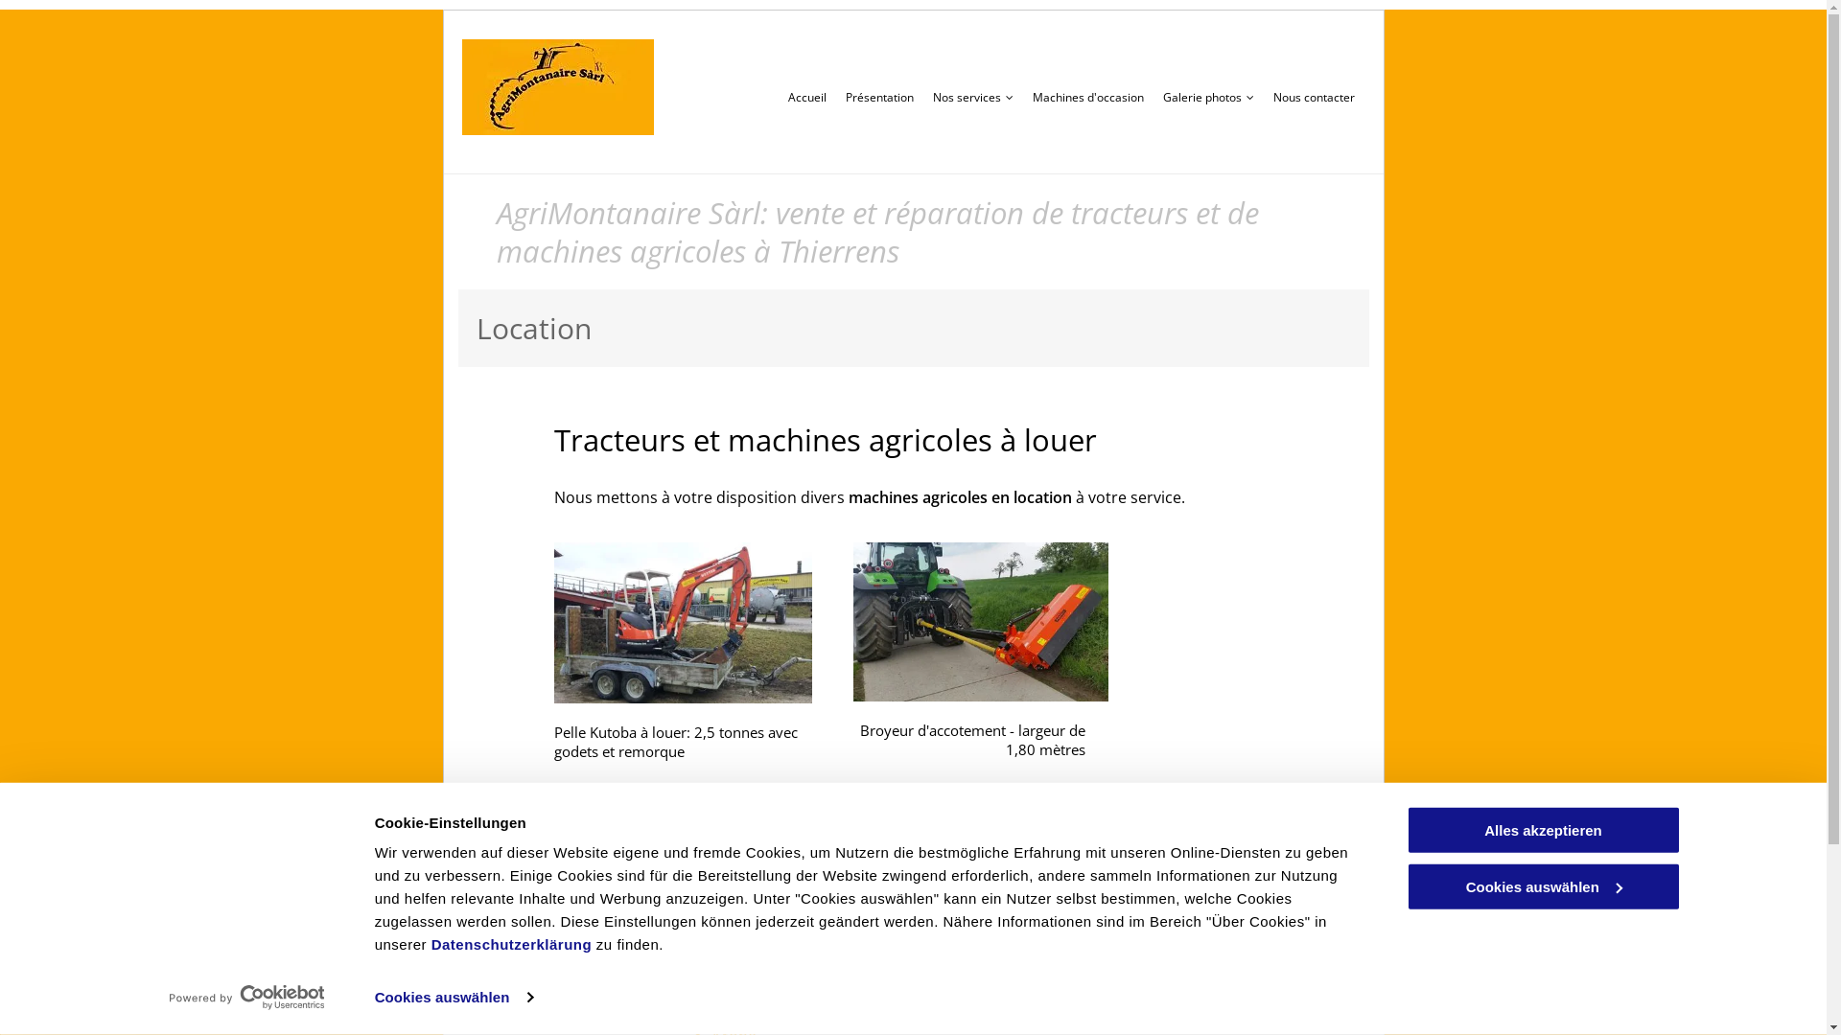  What do you see at coordinates (959, 496) in the screenshot?
I see `'machines agricoles en location'` at bounding box center [959, 496].